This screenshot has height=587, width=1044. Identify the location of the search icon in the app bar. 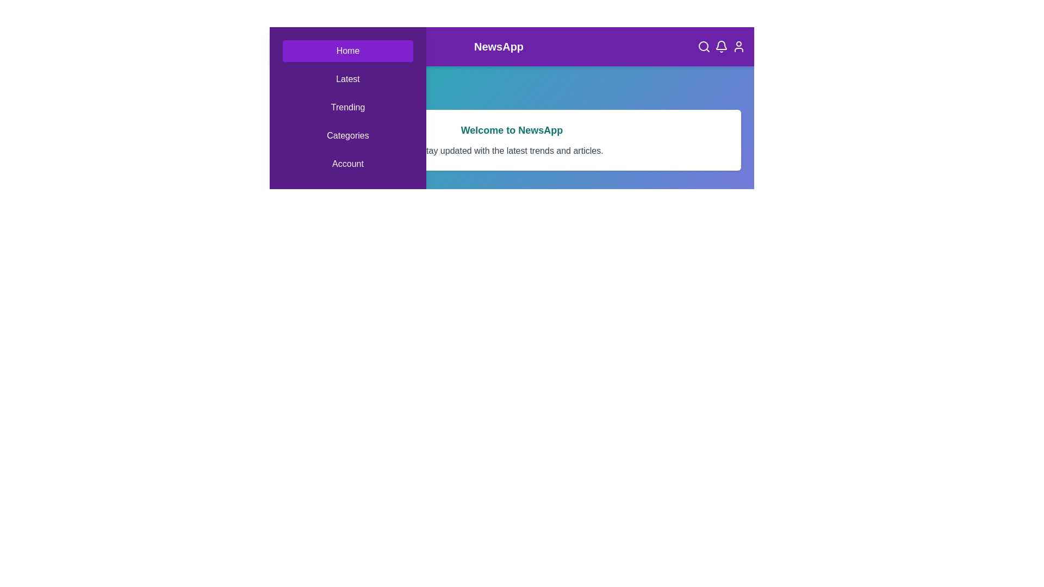
(704, 46).